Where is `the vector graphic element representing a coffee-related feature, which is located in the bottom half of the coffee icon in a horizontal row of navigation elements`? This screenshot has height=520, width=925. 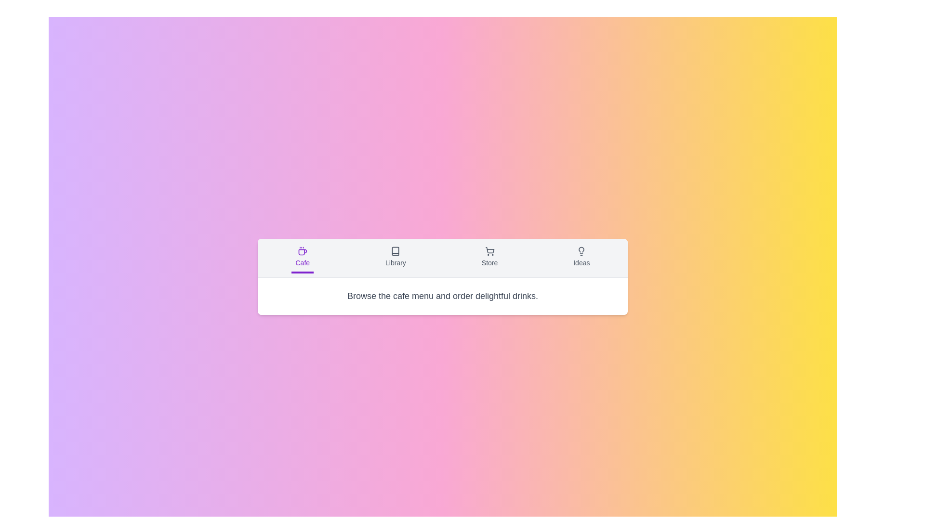 the vector graphic element representing a coffee-related feature, which is located in the bottom half of the coffee icon in a horizontal row of navigation elements is located at coordinates (302, 251).